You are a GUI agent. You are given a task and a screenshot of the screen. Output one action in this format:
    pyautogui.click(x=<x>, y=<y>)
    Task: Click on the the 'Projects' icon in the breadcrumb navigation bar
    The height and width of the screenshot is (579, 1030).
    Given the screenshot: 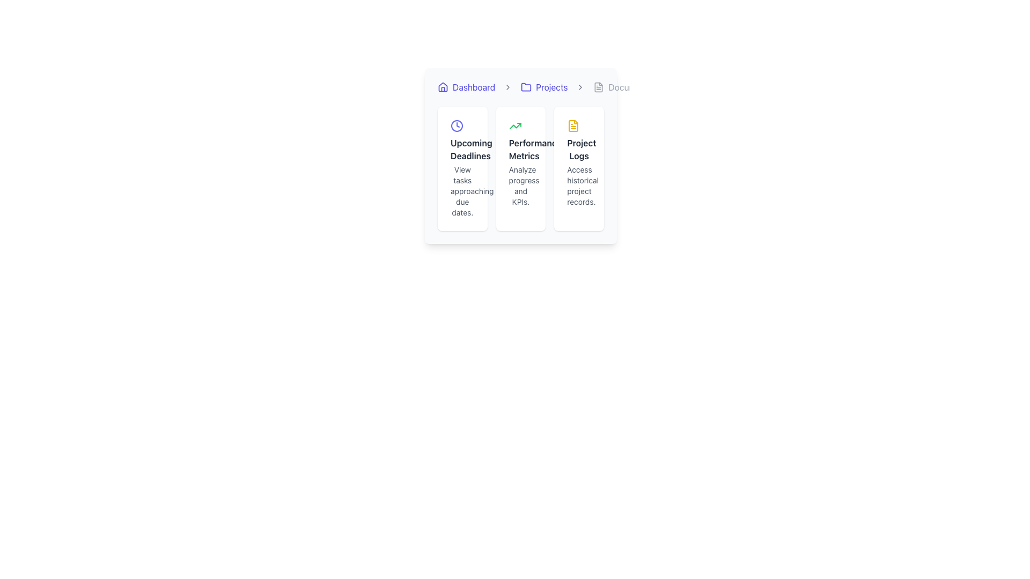 What is the action you would take?
    pyautogui.click(x=526, y=86)
    